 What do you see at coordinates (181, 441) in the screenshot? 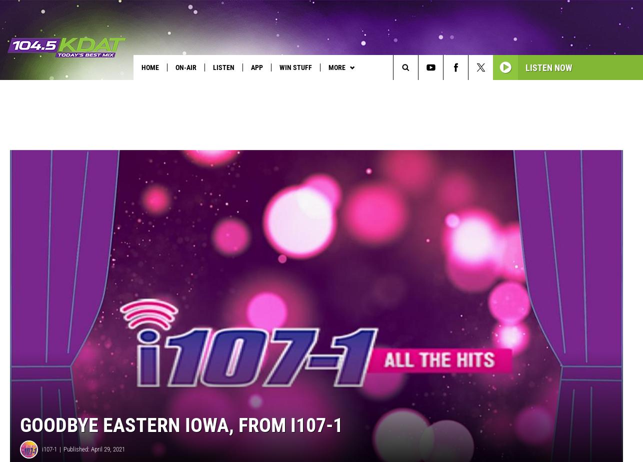
I see `'Goodbye Eastern Iowa, From i107-1'` at bounding box center [181, 441].